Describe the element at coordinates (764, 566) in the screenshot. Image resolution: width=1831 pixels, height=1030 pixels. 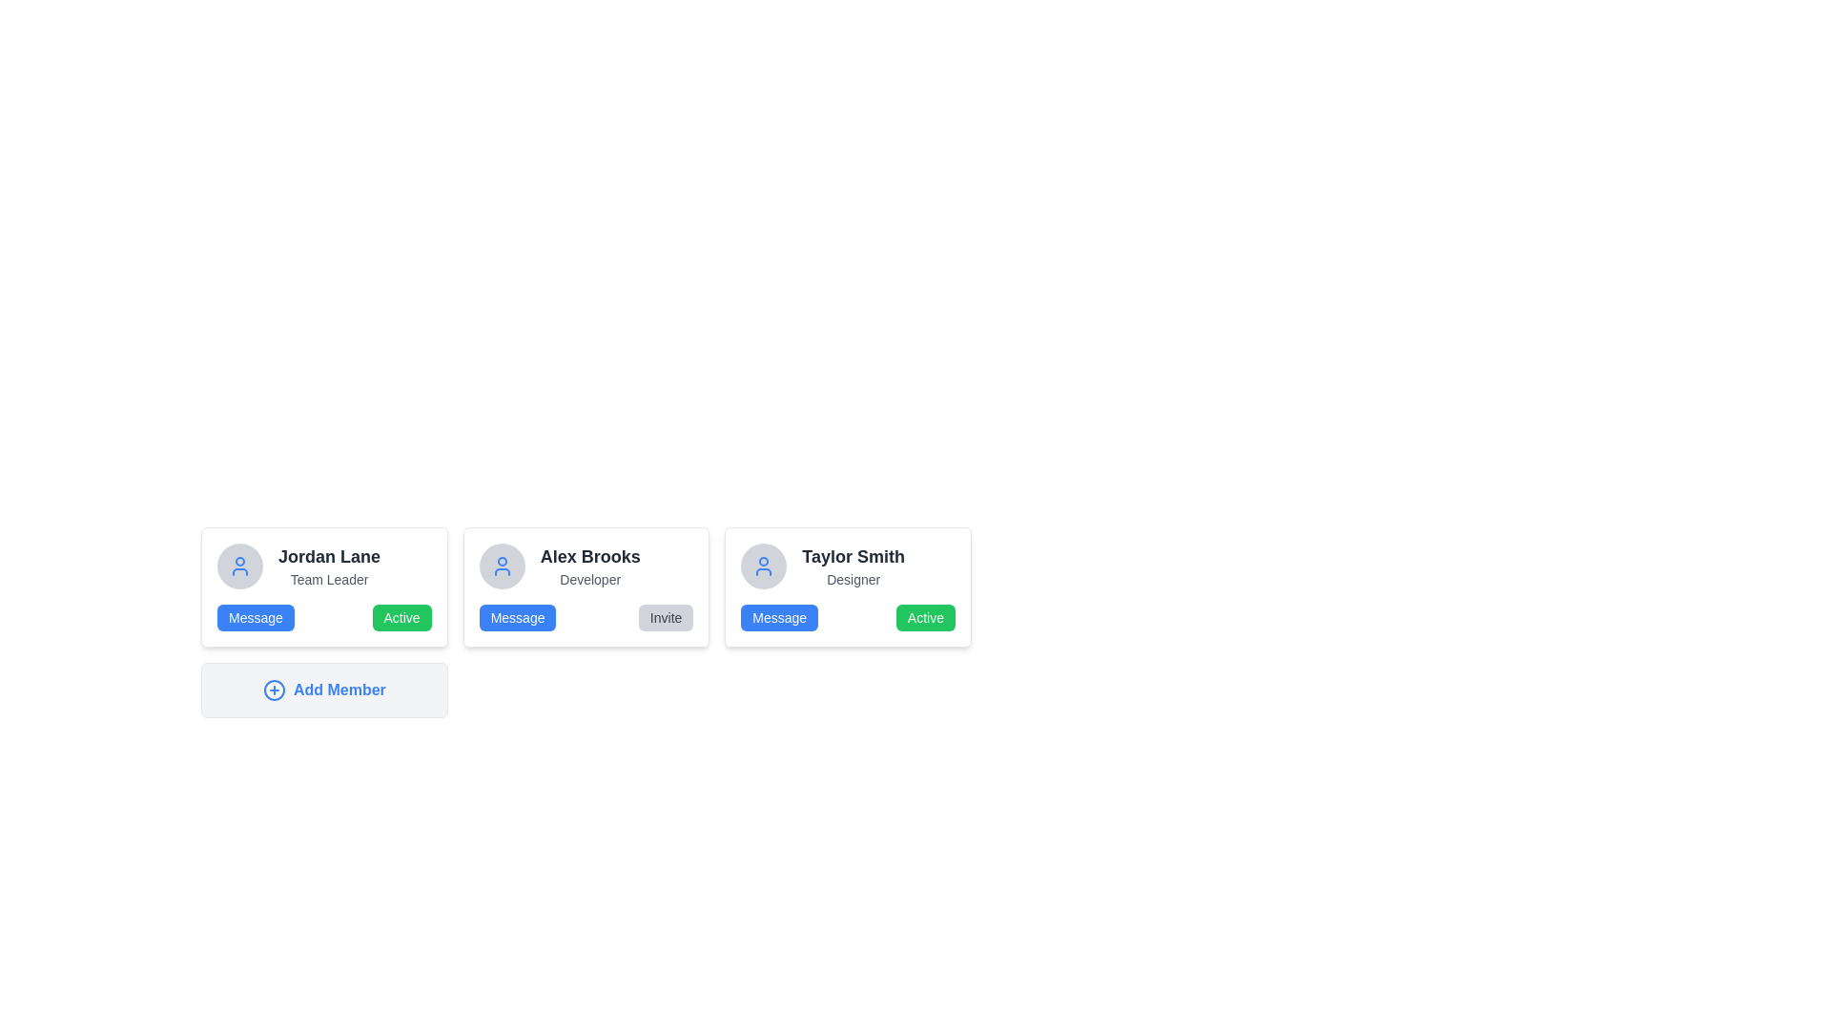
I see `the Profile picture placeholder for user 'Taylor Smith', located at the top-left corner of the user card above the text 'Taylor Smith' and 'Designer'` at that location.